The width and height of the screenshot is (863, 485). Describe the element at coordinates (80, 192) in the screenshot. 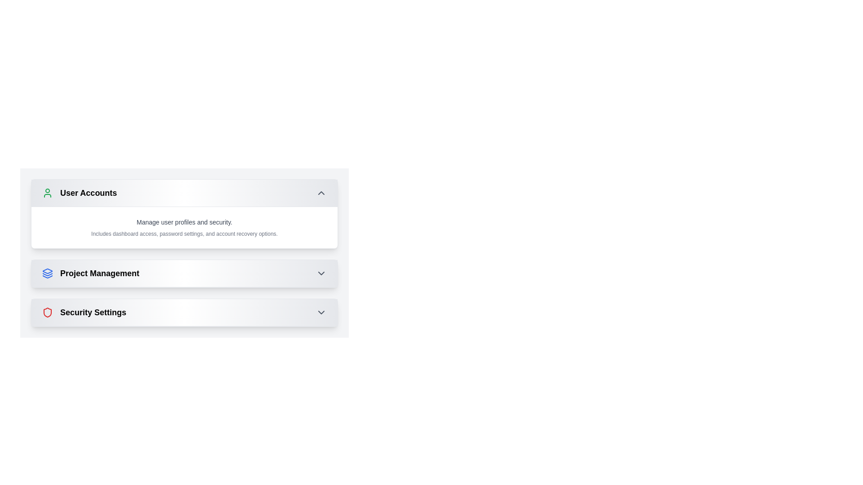

I see `the 'User Accounts' section header, which is the first element in the list` at that location.